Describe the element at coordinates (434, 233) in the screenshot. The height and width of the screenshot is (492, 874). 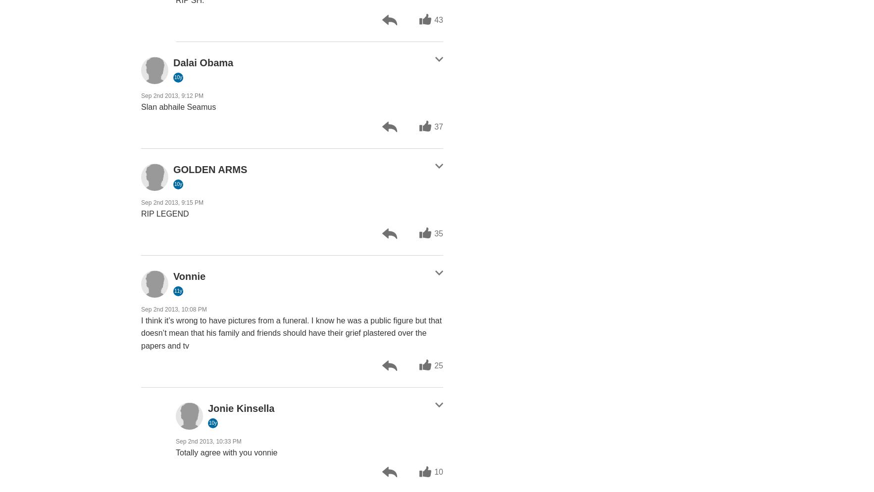
I see `'35'` at that location.